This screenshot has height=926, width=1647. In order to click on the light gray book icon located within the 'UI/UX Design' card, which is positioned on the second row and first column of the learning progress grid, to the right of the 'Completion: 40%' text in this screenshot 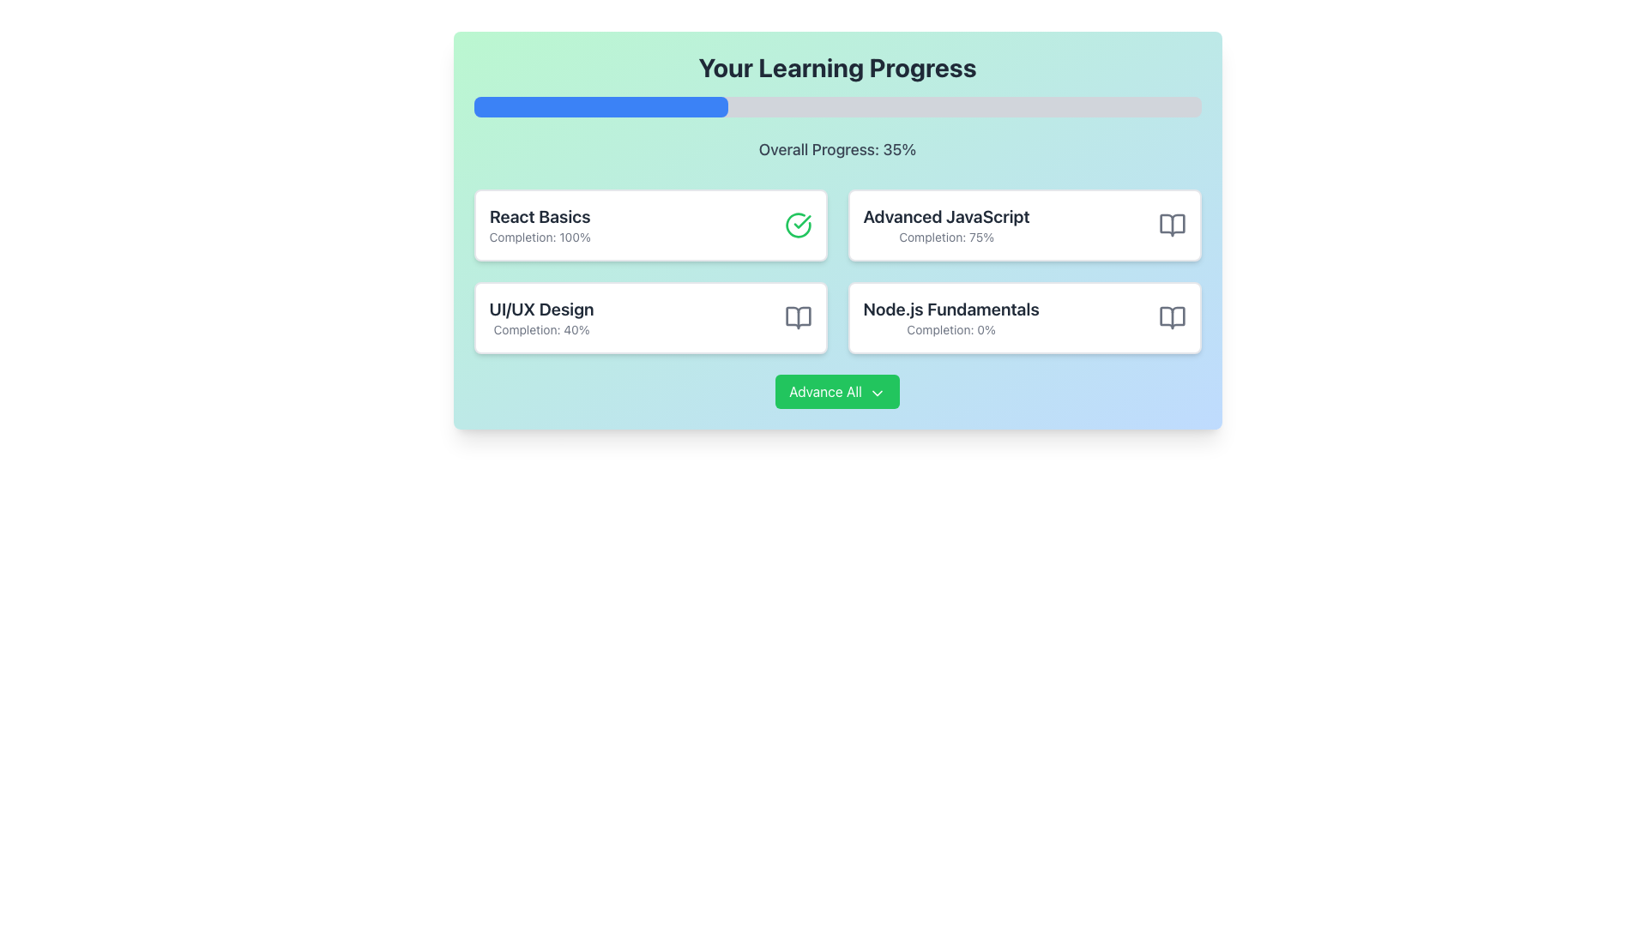, I will do `click(797, 317)`.